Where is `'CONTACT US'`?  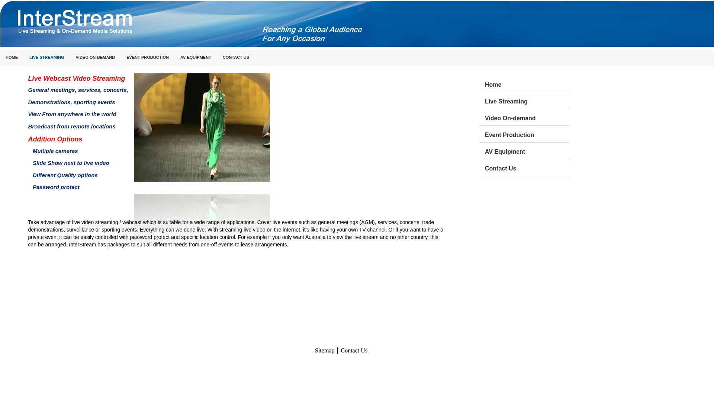
'CONTACT US' is located at coordinates (217, 57).